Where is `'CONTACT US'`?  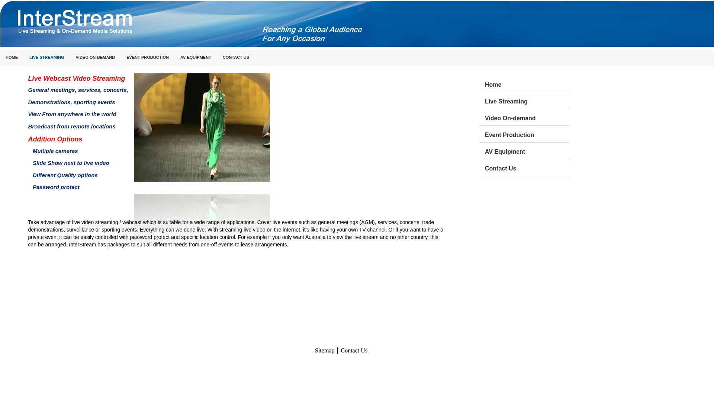
'CONTACT US' is located at coordinates (217, 57).